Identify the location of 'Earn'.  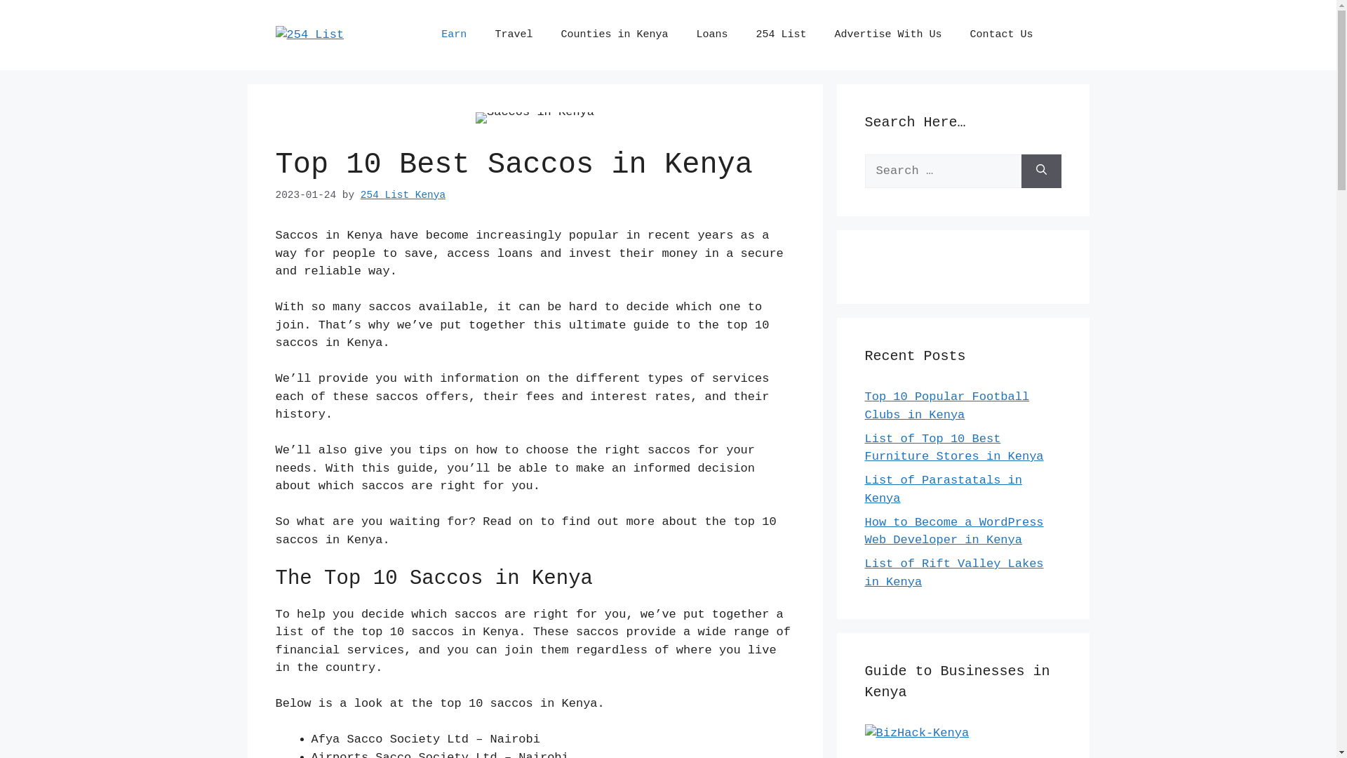
(427, 34).